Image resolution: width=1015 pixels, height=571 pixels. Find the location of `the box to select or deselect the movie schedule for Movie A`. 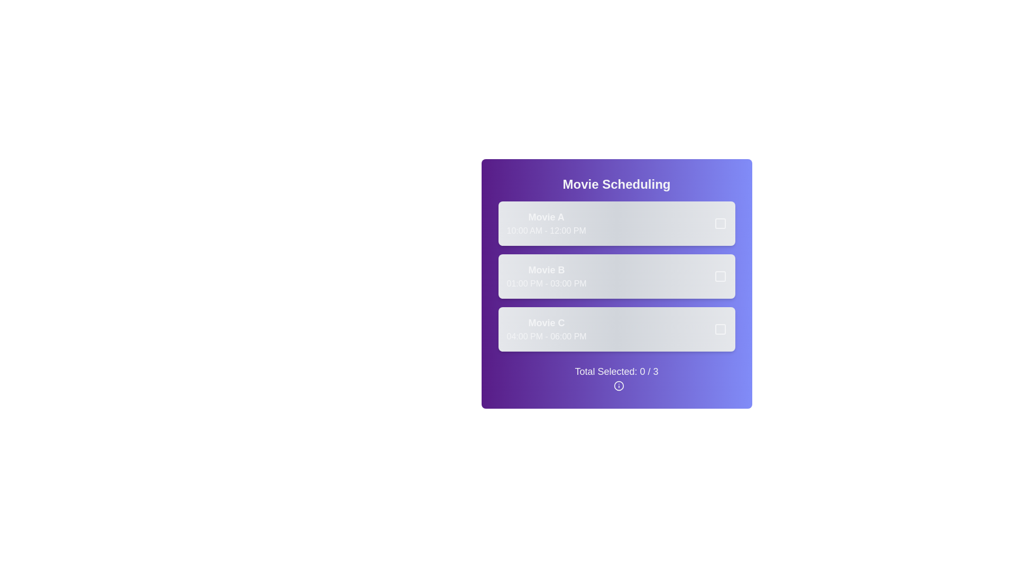

the box to select or deselect the movie schedule for Movie A is located at coordinates (714, 223).